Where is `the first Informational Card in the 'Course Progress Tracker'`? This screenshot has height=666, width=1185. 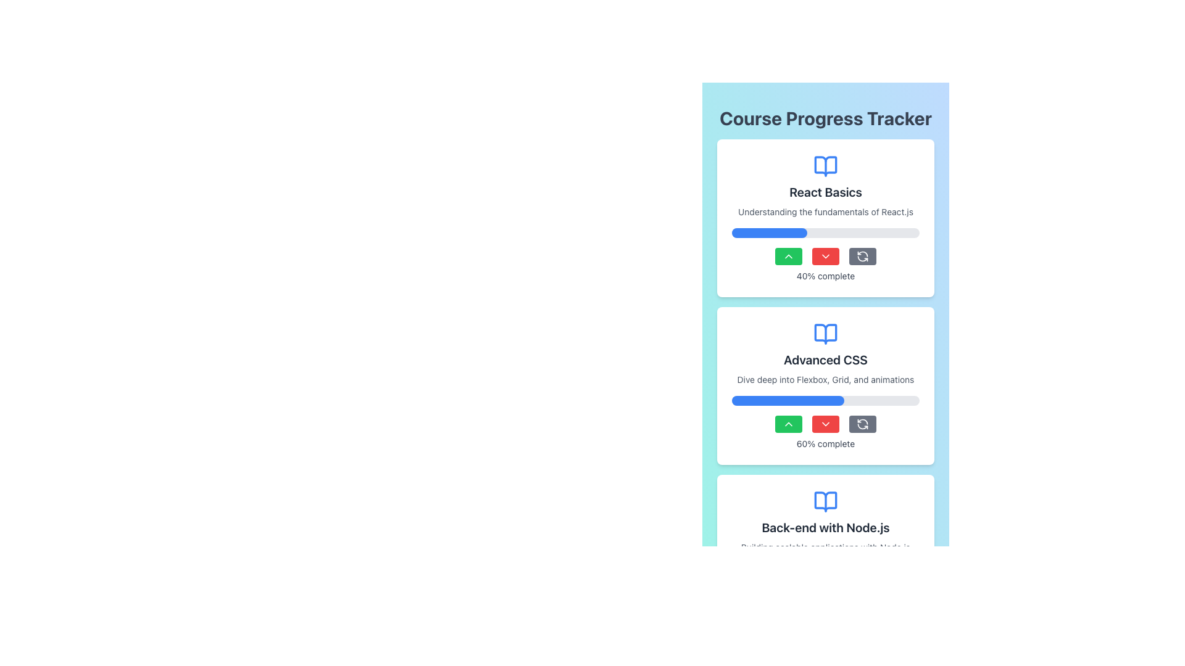
the first Informational Card in the 'Course Progress Tracker' is located at coordinates (826, 218).